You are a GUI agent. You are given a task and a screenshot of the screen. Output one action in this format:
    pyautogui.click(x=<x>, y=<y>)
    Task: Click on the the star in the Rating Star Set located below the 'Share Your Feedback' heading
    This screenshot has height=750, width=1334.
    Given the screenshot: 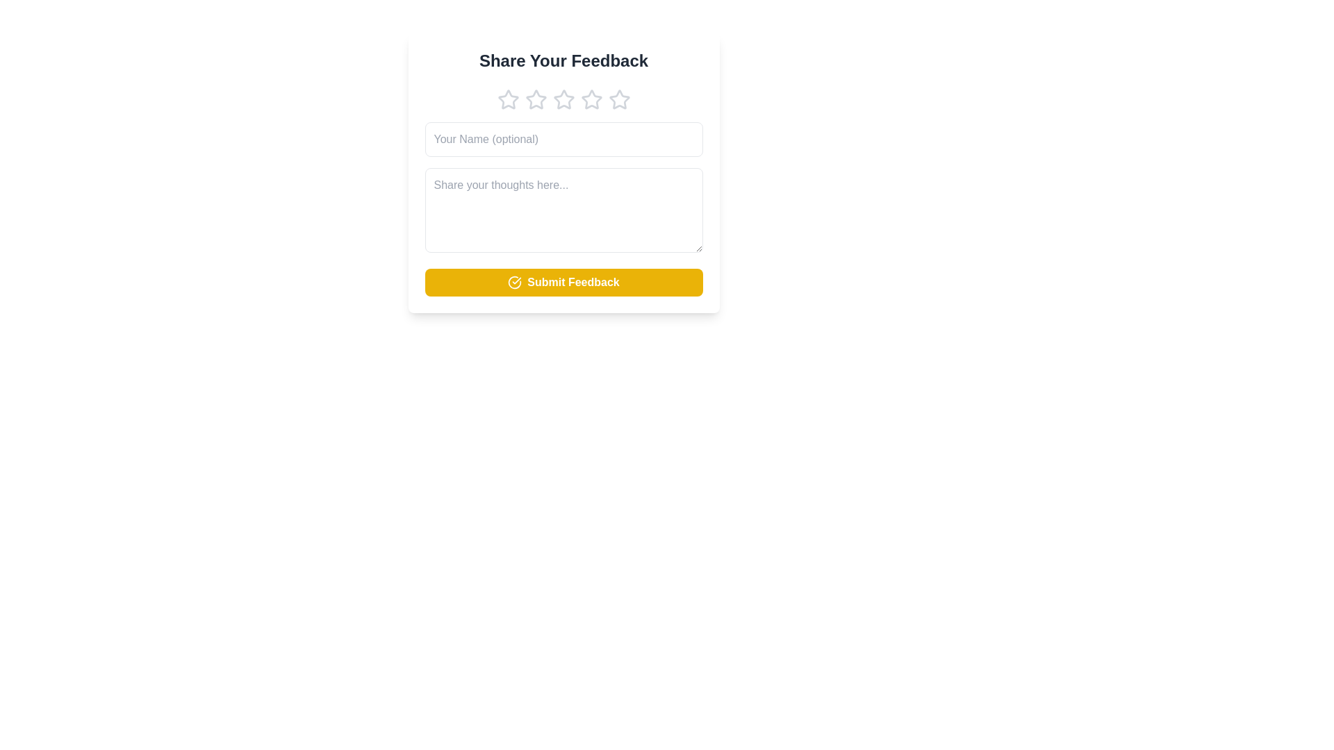 What is the action you would take?
    pyautogui.click(x=563, y=99)
    